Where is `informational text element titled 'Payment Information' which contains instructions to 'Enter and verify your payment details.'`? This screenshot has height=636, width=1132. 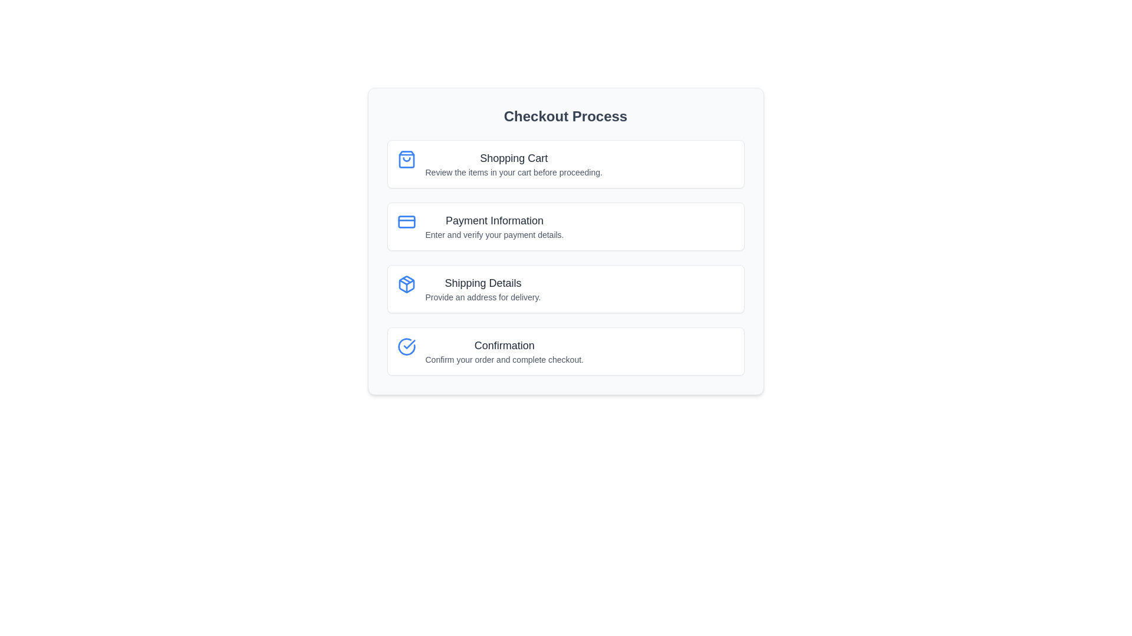
informational text element titled 'Payment Information' which contains instructions to 'Enter and verify your payment details.' is located at coordinates (495, 227).